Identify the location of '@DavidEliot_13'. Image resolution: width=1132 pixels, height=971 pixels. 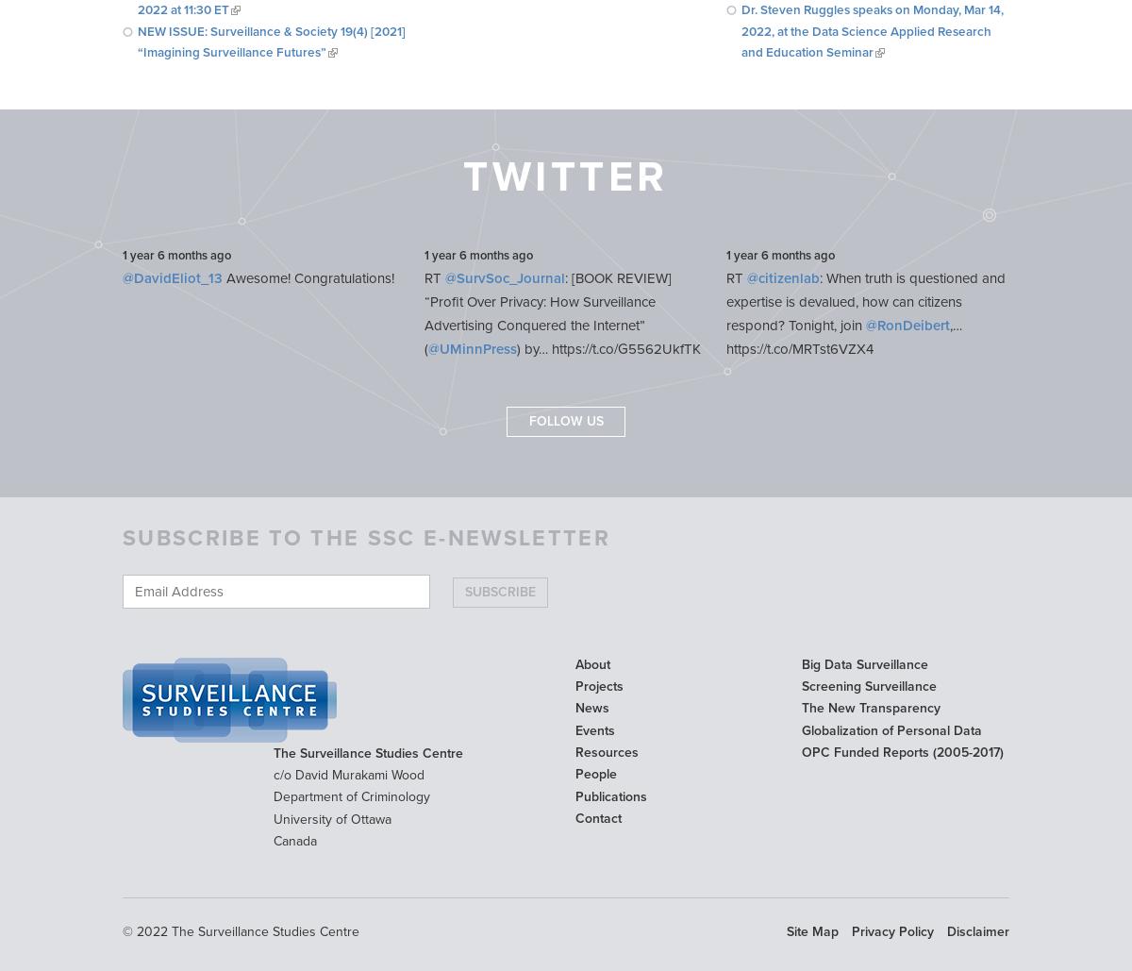
(122, 278).